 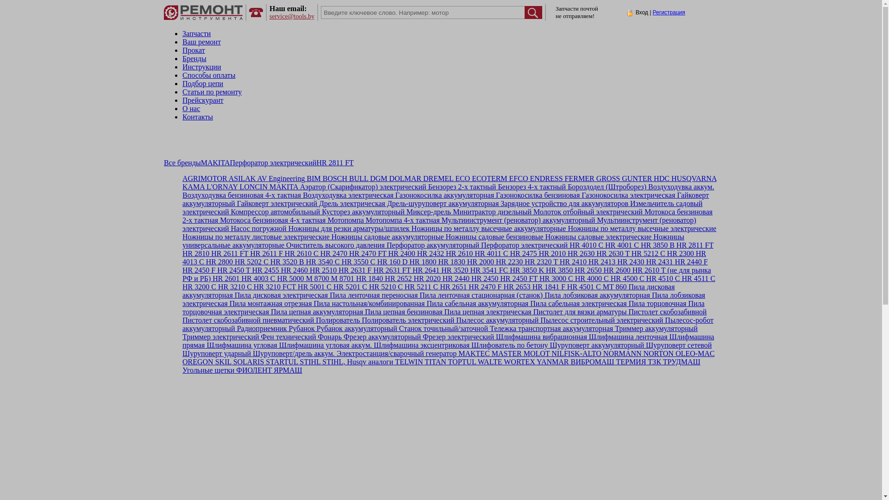 I want to click on 'NORTON', so click(x=657, y=353).